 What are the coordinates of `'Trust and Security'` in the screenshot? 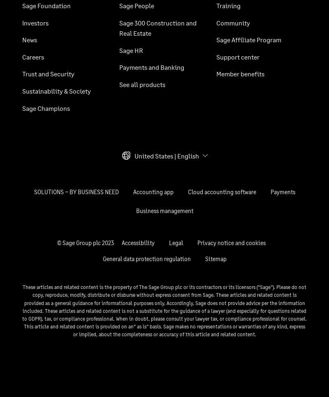 It's located at (22, 73).